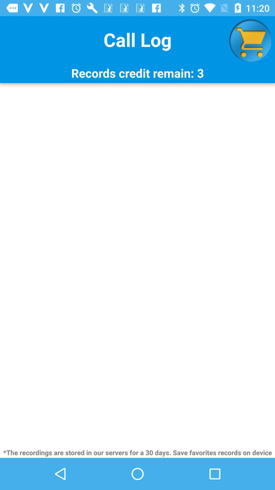 The width and height of the screenshot is (275, 490). What do you see at coordinates (137, 265) in the screenshot?
I see `the icon at the center` at bounding box center [137, 265].